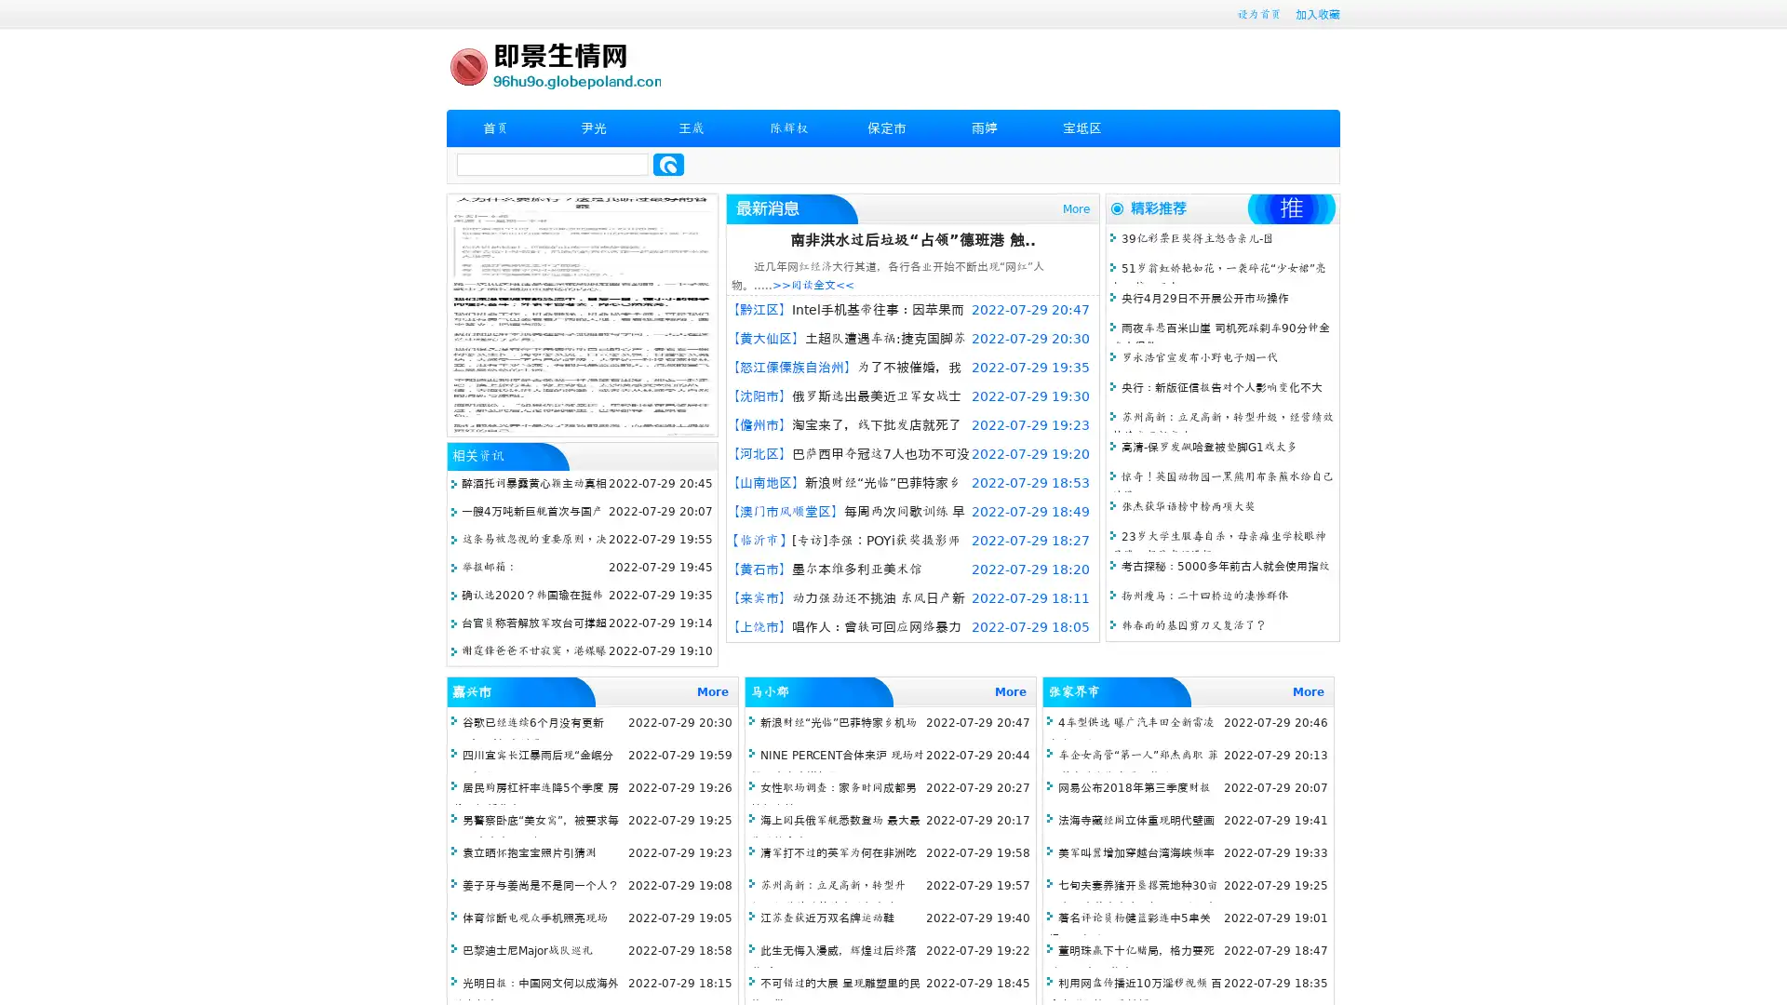 The width and height of the screenshot is (1787, 1005). What do you see at coordinates (668, 164) in the screenshot?
I see `Search` at bounding box center [668, 164].